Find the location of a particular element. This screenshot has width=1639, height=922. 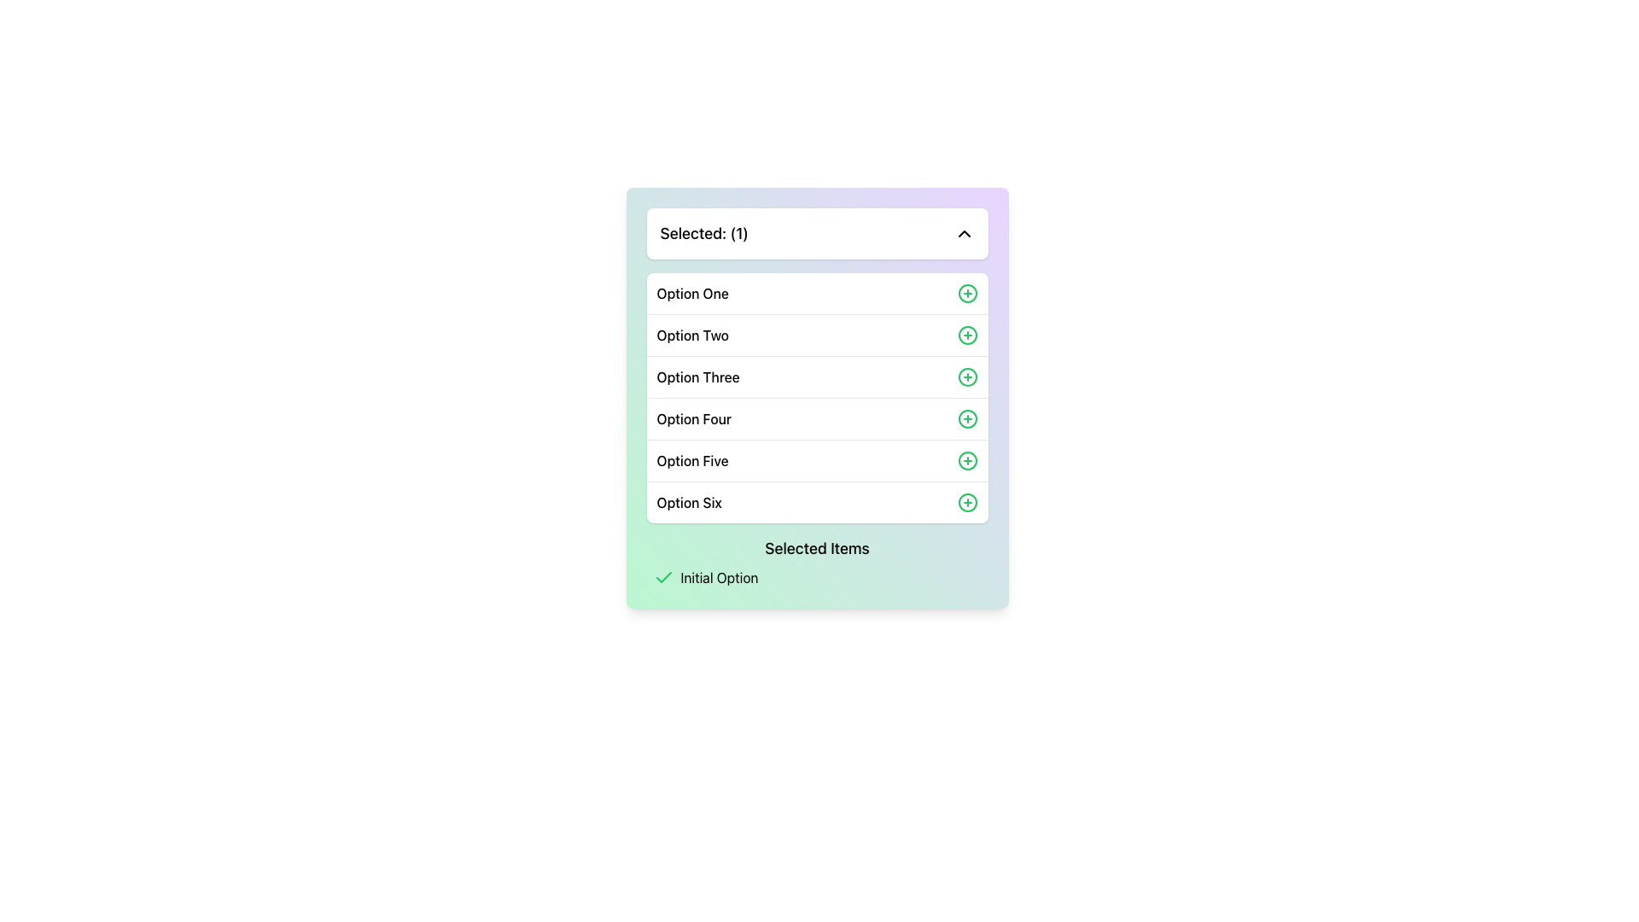

the action button icon located to the right of the label 'Option Two' in the vertically ordered list is located at coordinates (967, 336).